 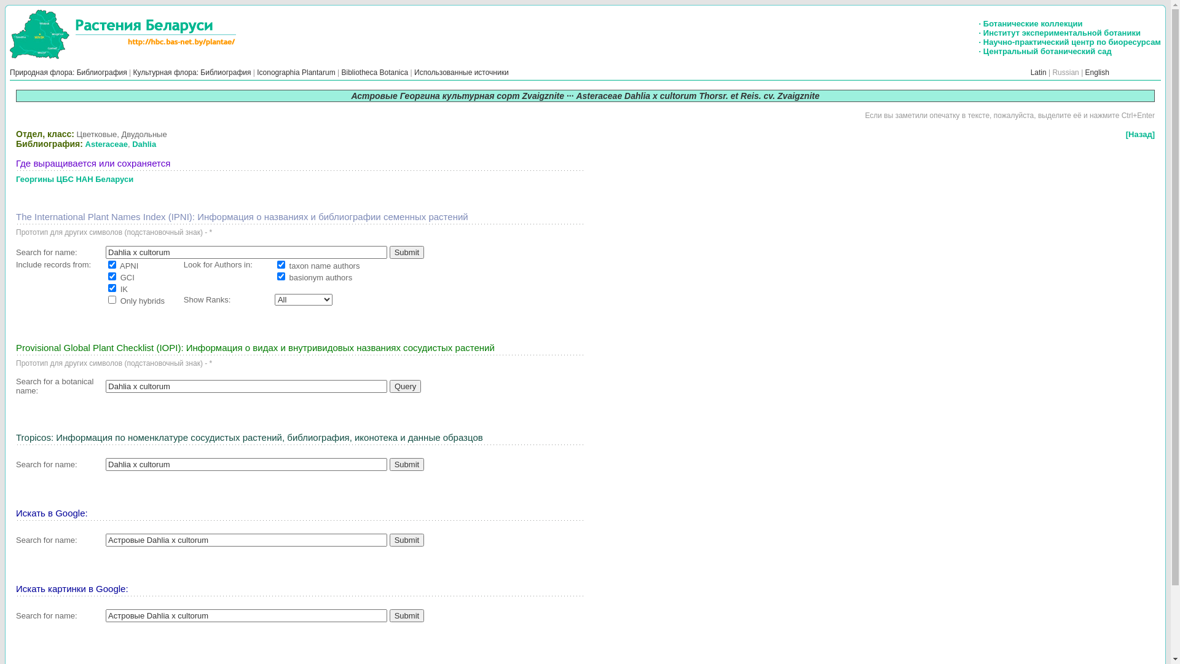 What do you see at coordinates (106, 143) in the screenshot?
I see `'Asteraceae'` at bounding box center [106, 143].